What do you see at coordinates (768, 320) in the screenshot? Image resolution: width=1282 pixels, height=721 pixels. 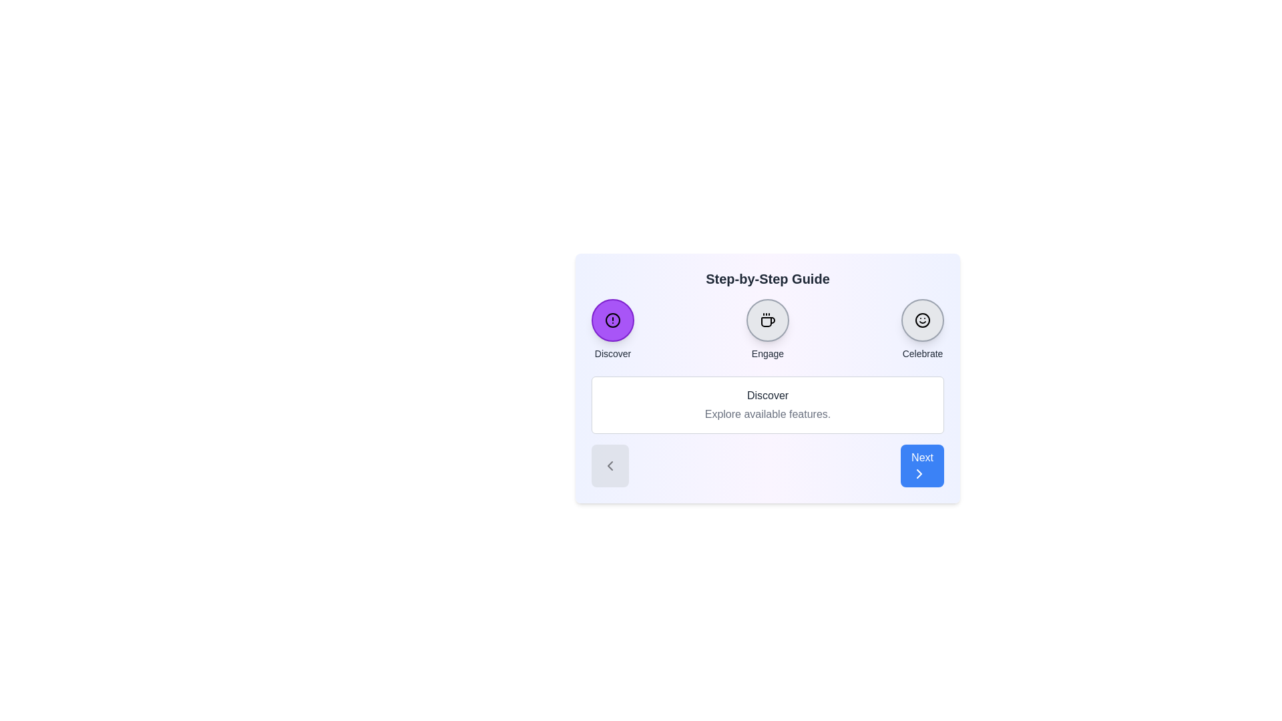 I see `the decorative coffee cup icon located centrally in the interface above the 'Engage' label` at bounding box center [768, 320].